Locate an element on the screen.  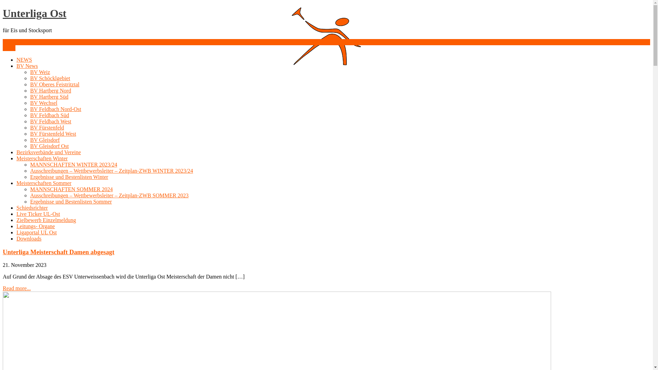
'NEWS' is located at coordinates (24, 59).